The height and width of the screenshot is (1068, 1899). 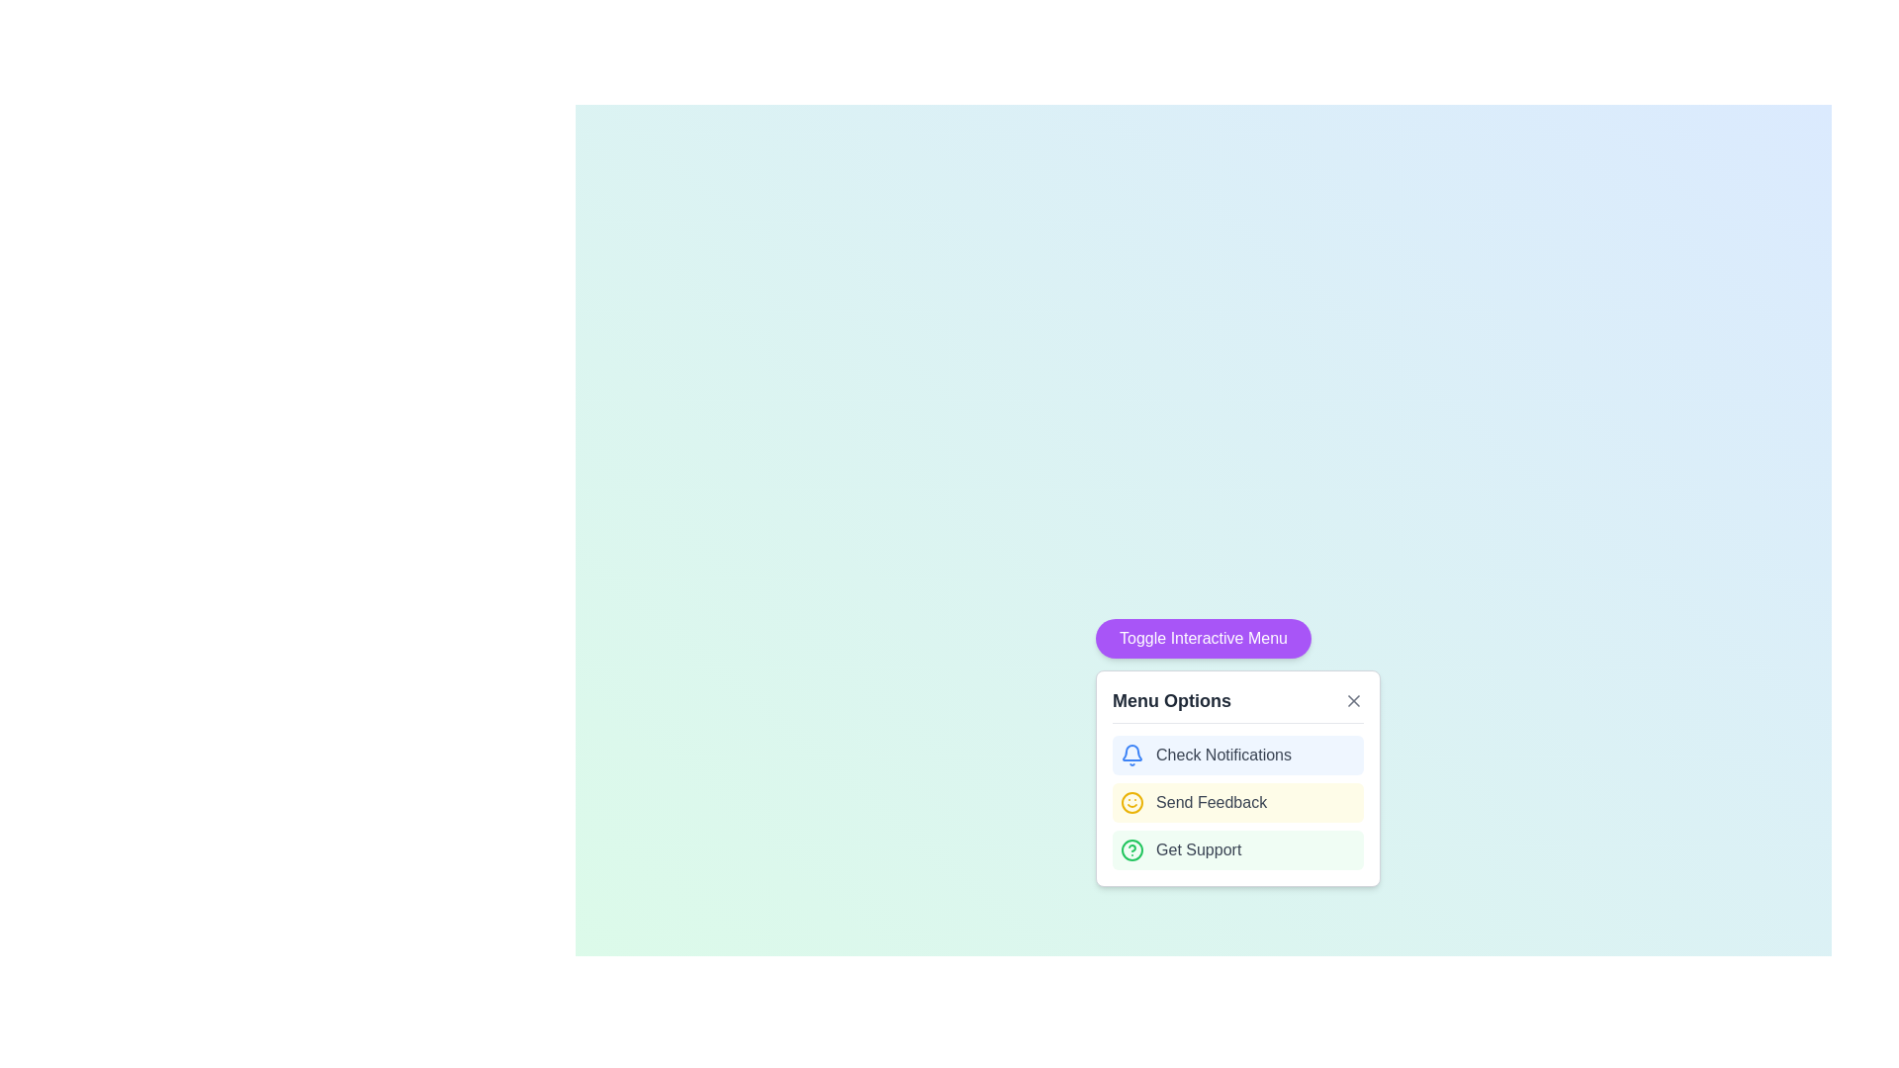 I want to click on the 'Send Feedback' text label, which is styled with a clean sans-serif font and located on a pastel yellow background within the 'Menu Options' group, so click(x=1211, y=803).